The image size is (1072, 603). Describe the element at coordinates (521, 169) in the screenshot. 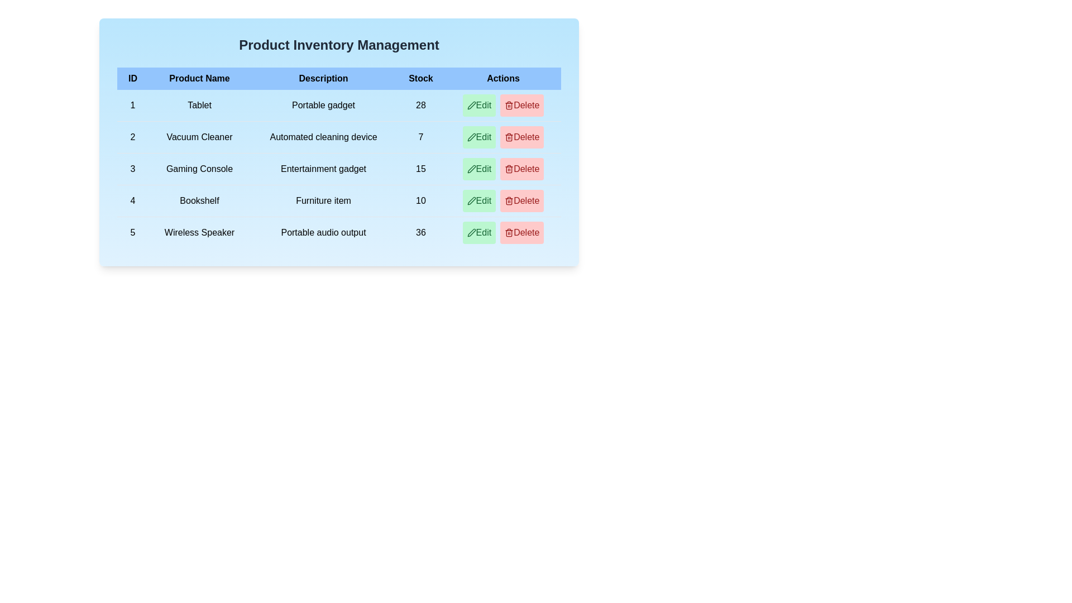

I see `the deletion button in the third row under the 'Actions' column` at that location.